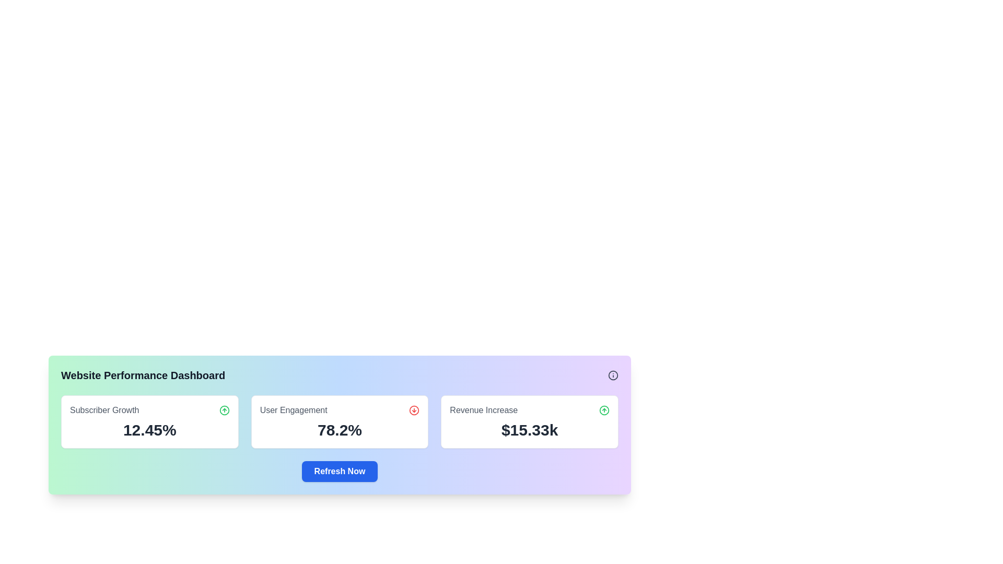 The image size is (1003, 564). What do you see at coordinates (530, 421) in the screenshot?
I see `the Informational card that displays performance data related to revenue increase, which is the third and rightmost box in a three-column grid layout` at bounding box center [530, 421].